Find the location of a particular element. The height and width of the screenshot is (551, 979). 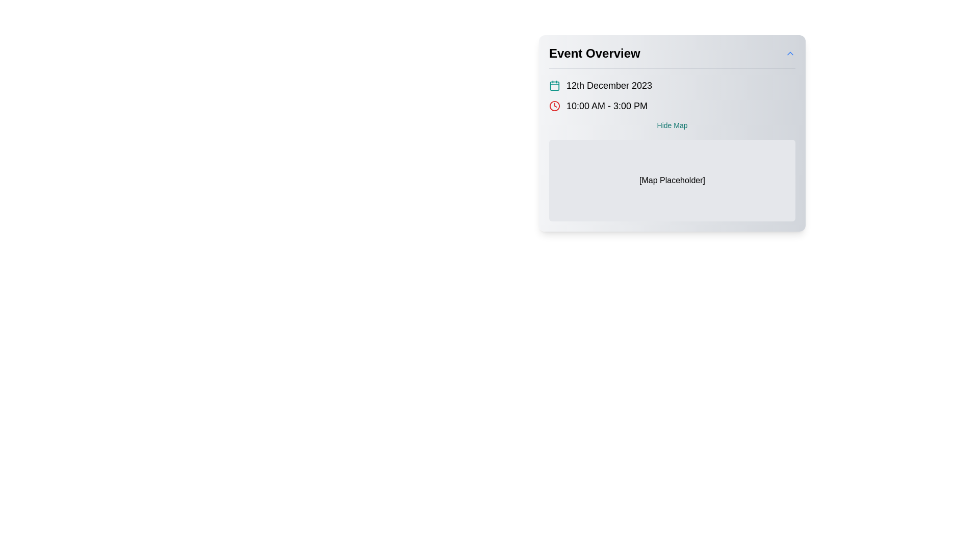

the circular graphical shape that serves as the clock's face, located within the clock icon to the left of the time range text in the 'Event Overview' panel is located at coordinates (554, 106).